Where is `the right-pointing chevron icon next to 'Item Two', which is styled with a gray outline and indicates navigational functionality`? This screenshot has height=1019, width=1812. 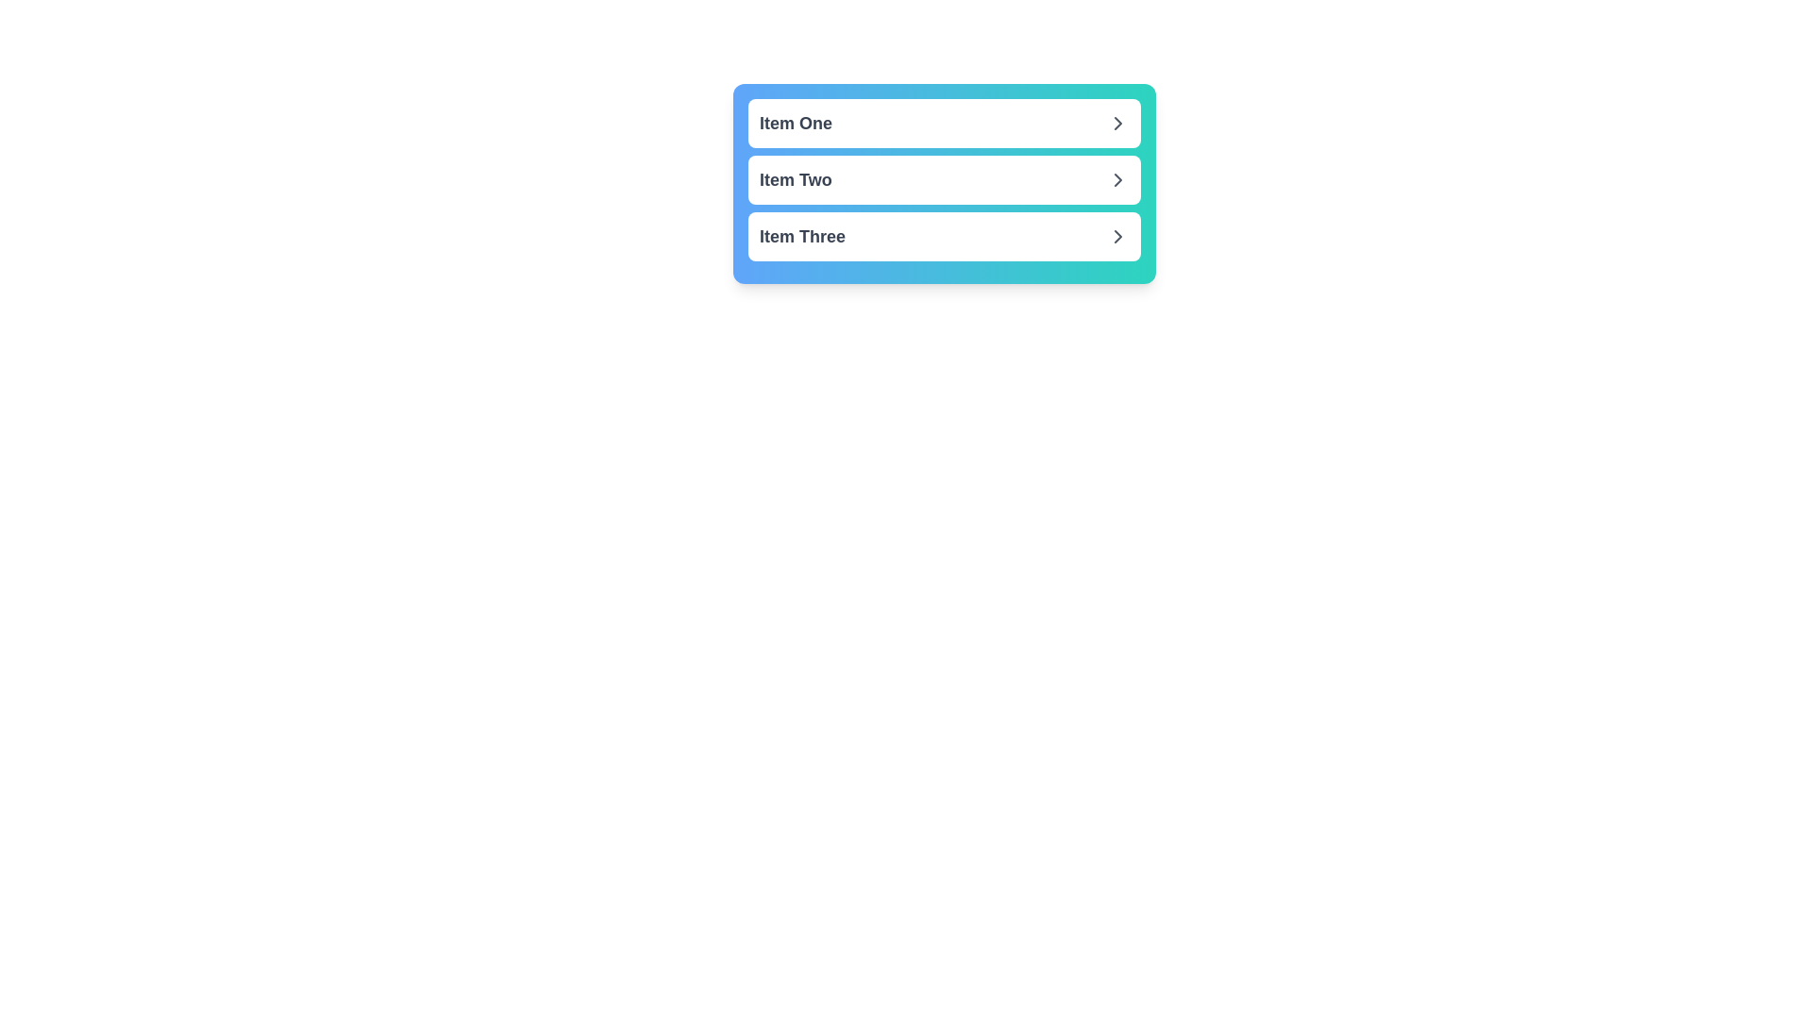 the right-pointing chevron icon next to 'Item Two', which is styled with a gray outline and indicates navigational functionality is located at coordinates (1118, 180).